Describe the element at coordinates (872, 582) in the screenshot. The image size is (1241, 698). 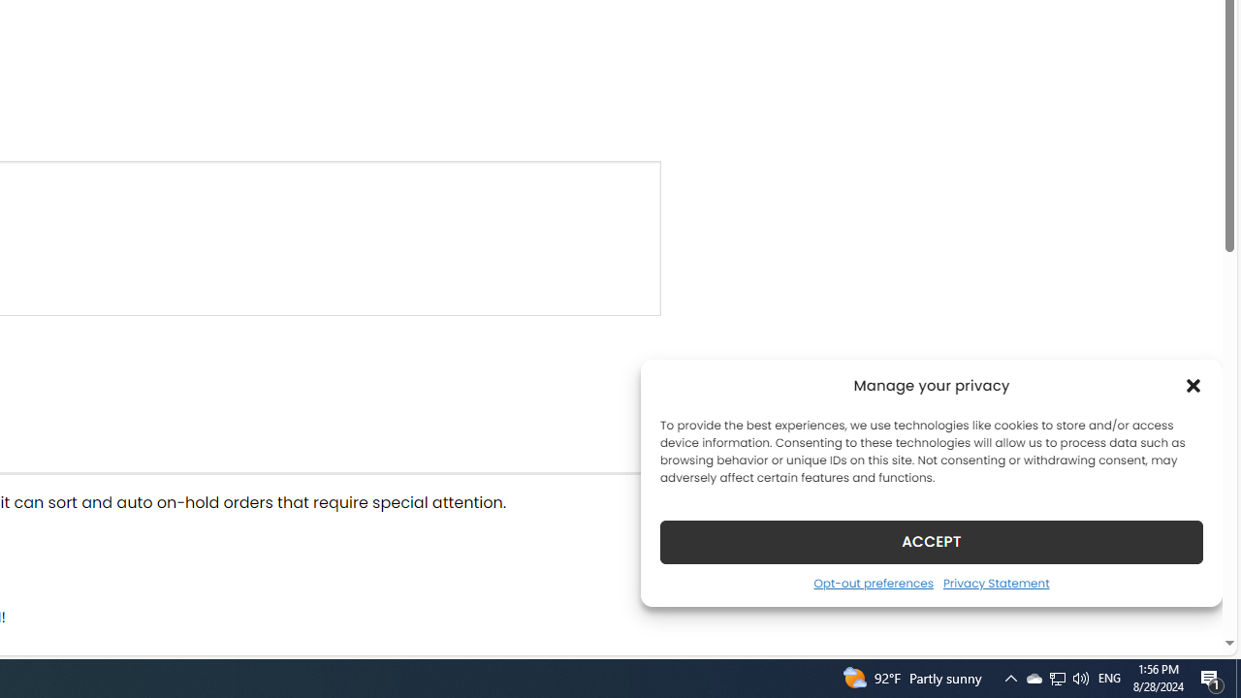
I see `'Opt-out preferences'` at that location.